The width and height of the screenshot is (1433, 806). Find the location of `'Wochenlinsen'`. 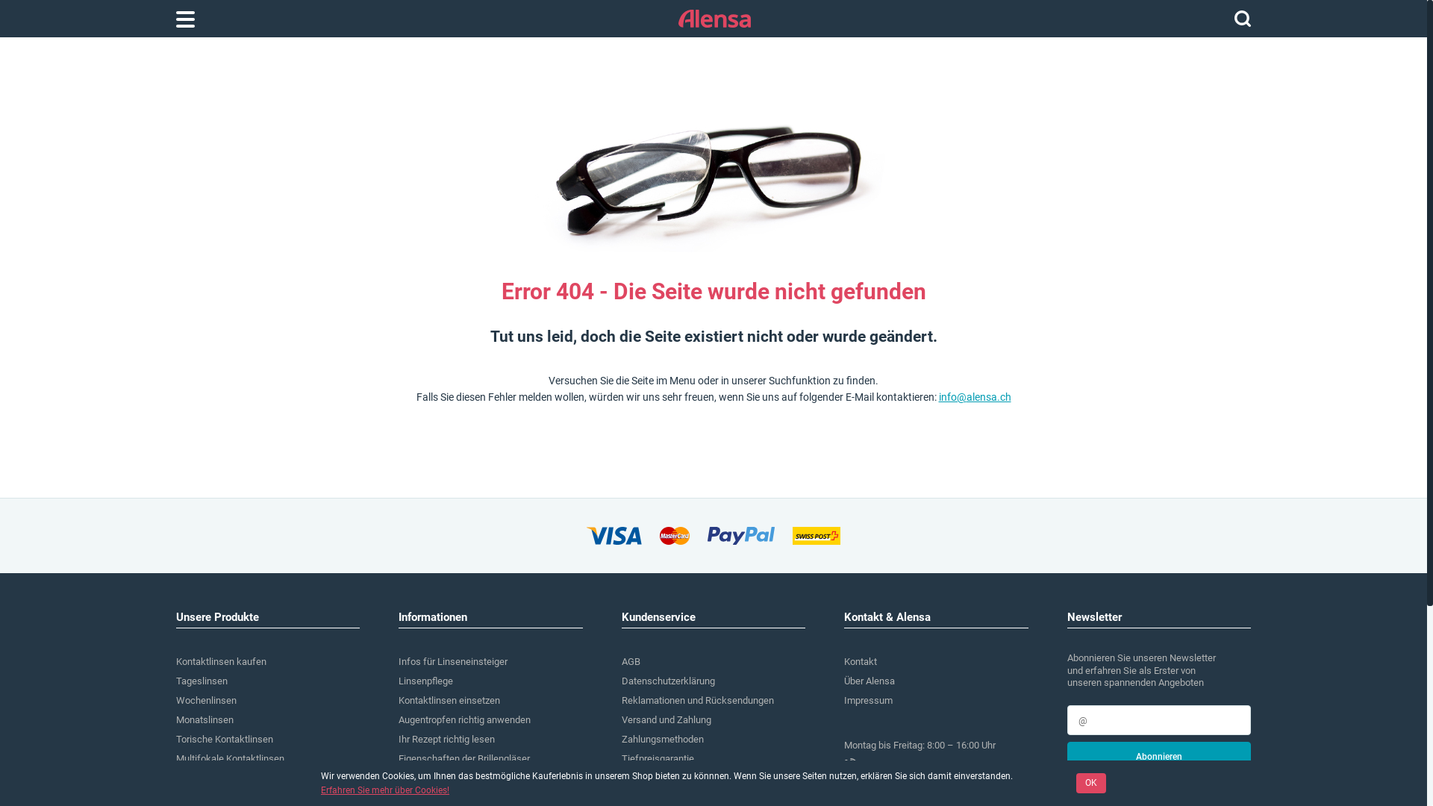

'Wochenlinsen' is located at coordinates (205, 700).